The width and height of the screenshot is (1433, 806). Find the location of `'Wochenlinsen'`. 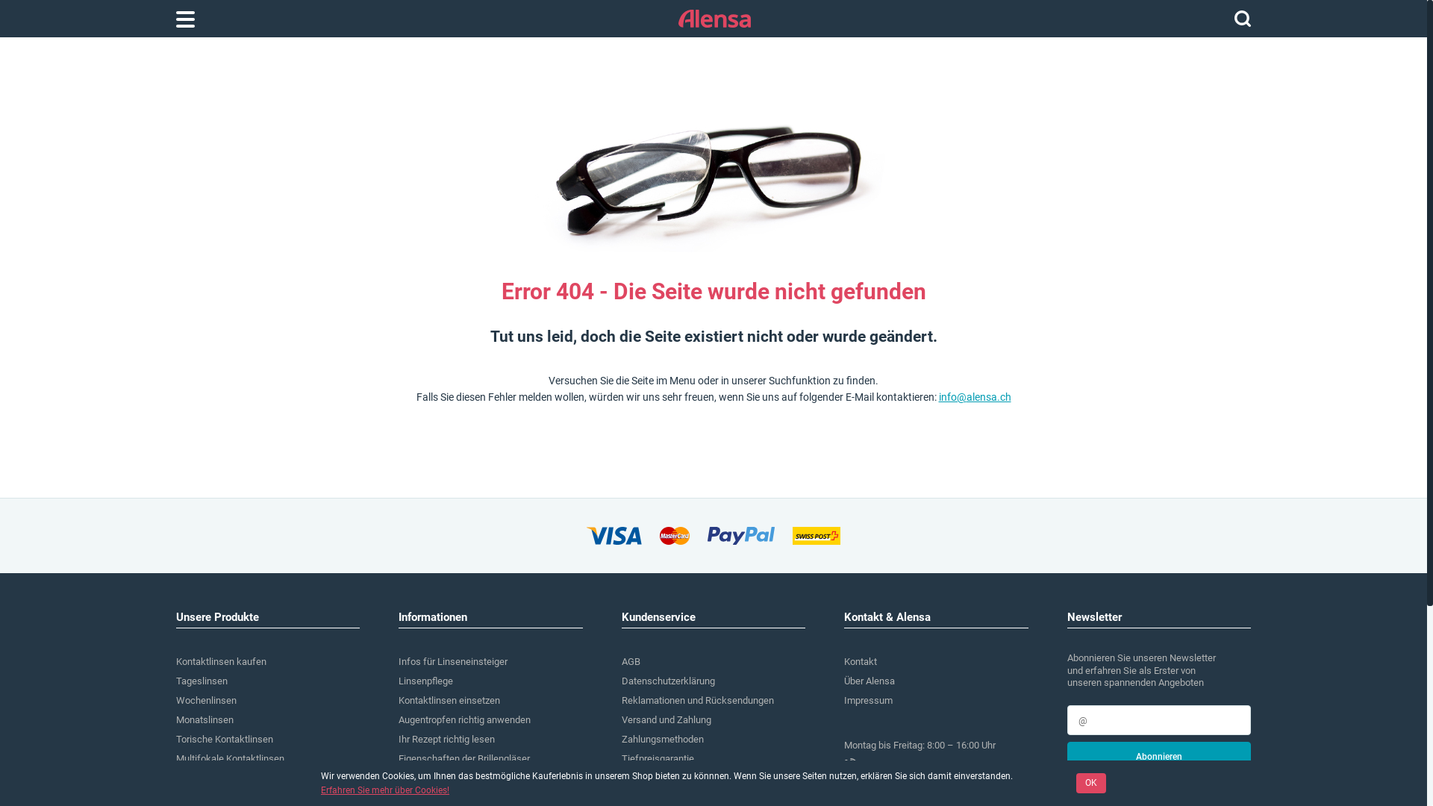

'Wochenlinsen' is located at coordinates (205, 700).